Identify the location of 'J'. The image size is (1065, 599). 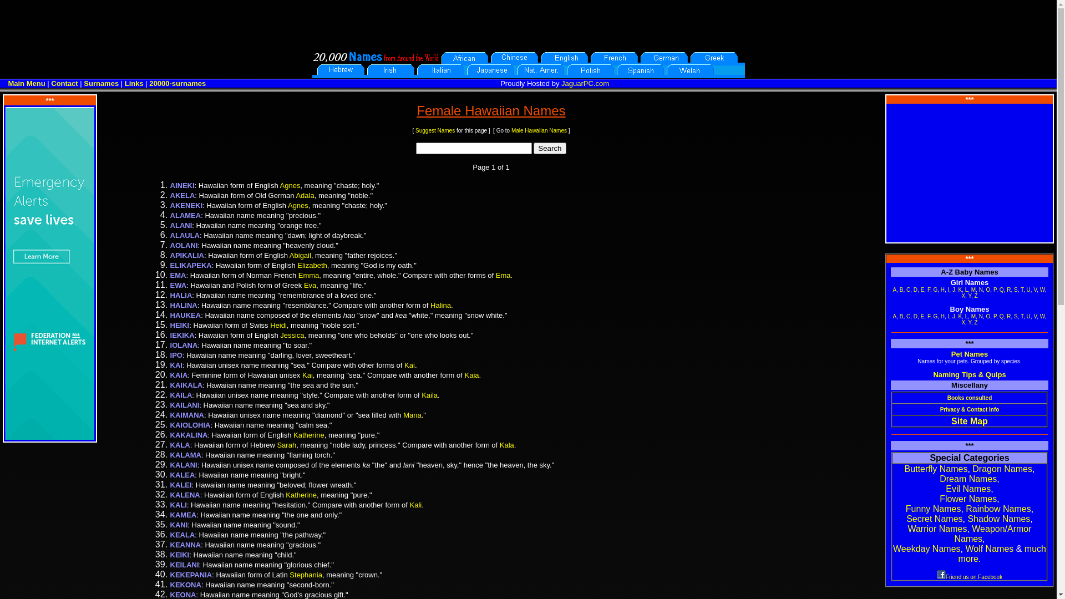
(953, 289).